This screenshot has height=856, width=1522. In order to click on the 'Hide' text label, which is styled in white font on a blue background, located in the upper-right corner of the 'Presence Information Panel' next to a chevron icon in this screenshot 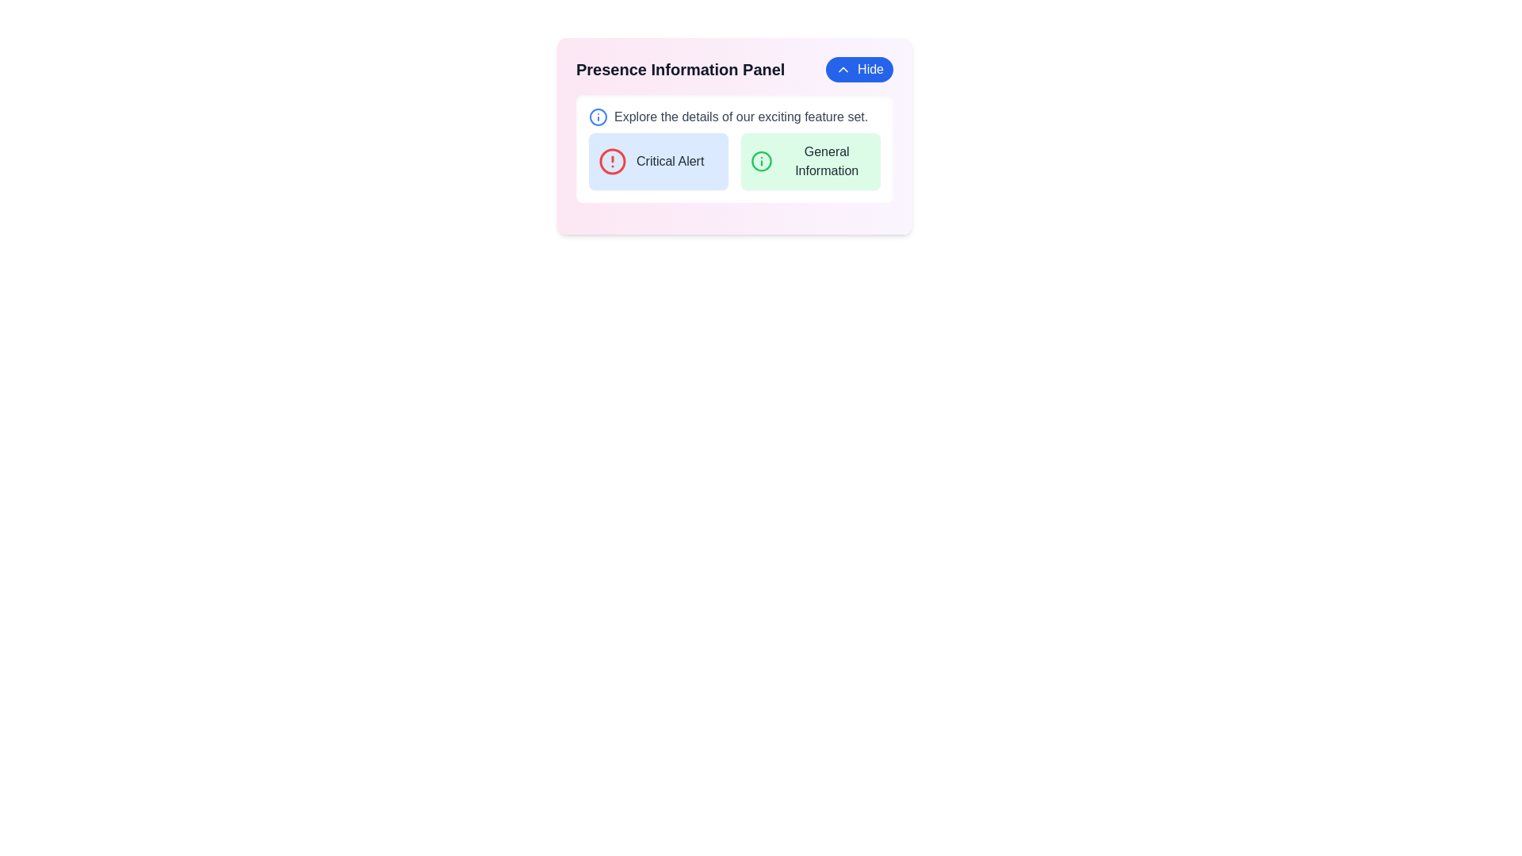, I will do `click(870, 69)`.